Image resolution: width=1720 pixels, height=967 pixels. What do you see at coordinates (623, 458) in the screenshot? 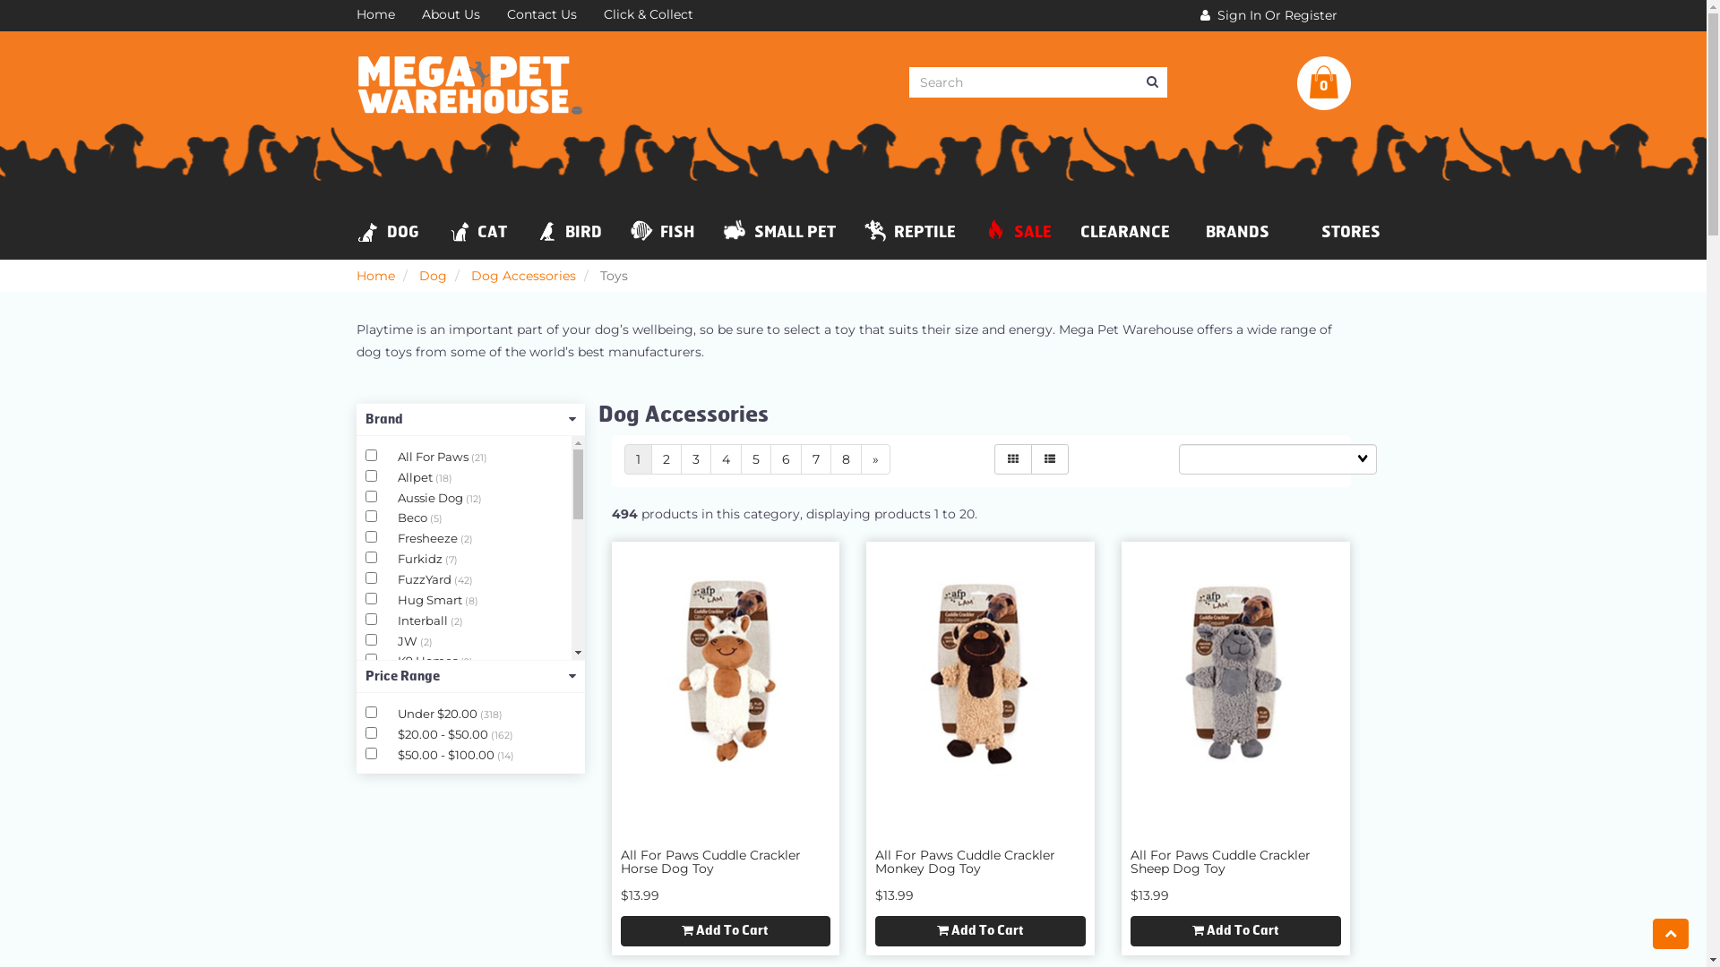
I see `'1'` at bounding box center [623, 458].